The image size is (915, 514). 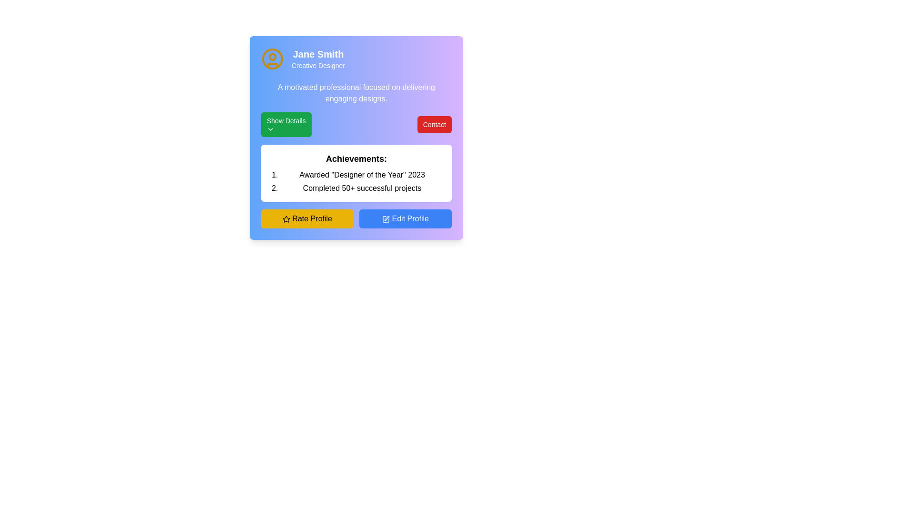 I want to click on the largest circular graphical component that forms the outer boundary of the user icon in the top-left corner of the user profile card, so click(x=272, y=59).